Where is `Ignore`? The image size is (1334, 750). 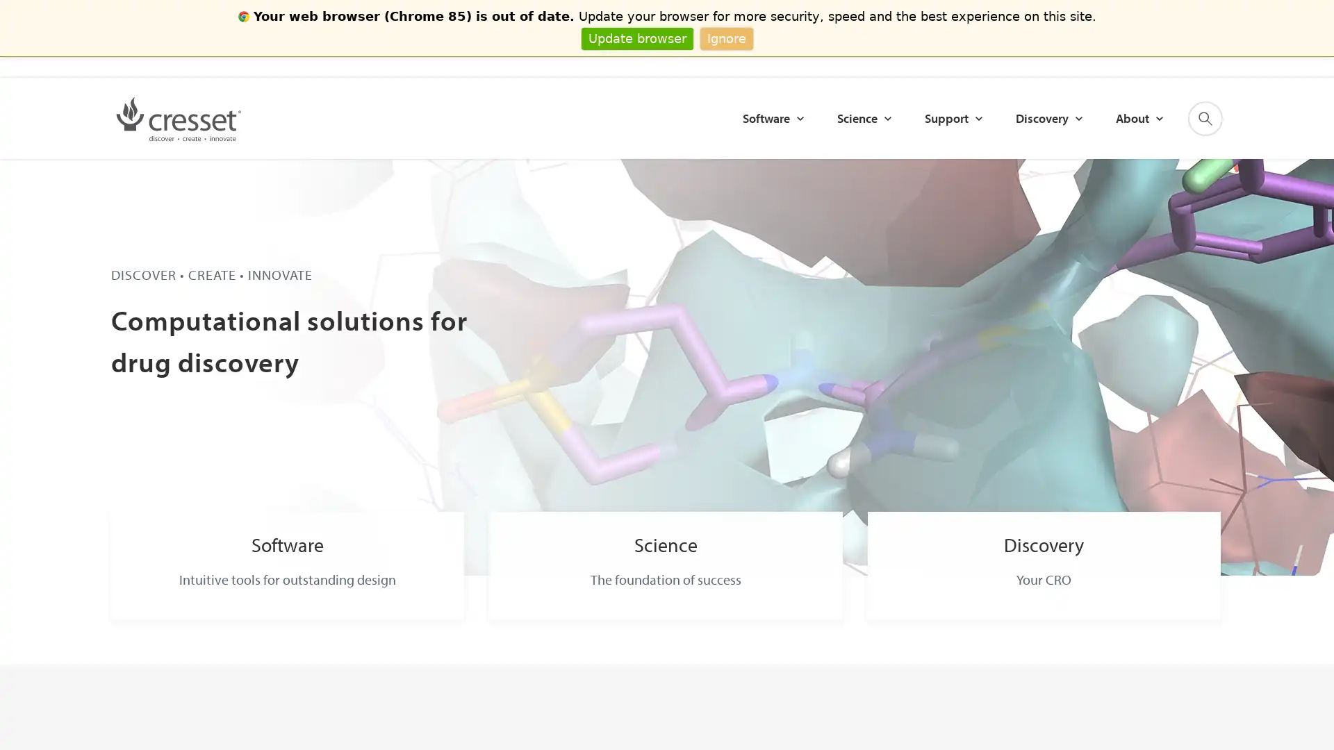
Ignore is located at coordinates (725, 37).